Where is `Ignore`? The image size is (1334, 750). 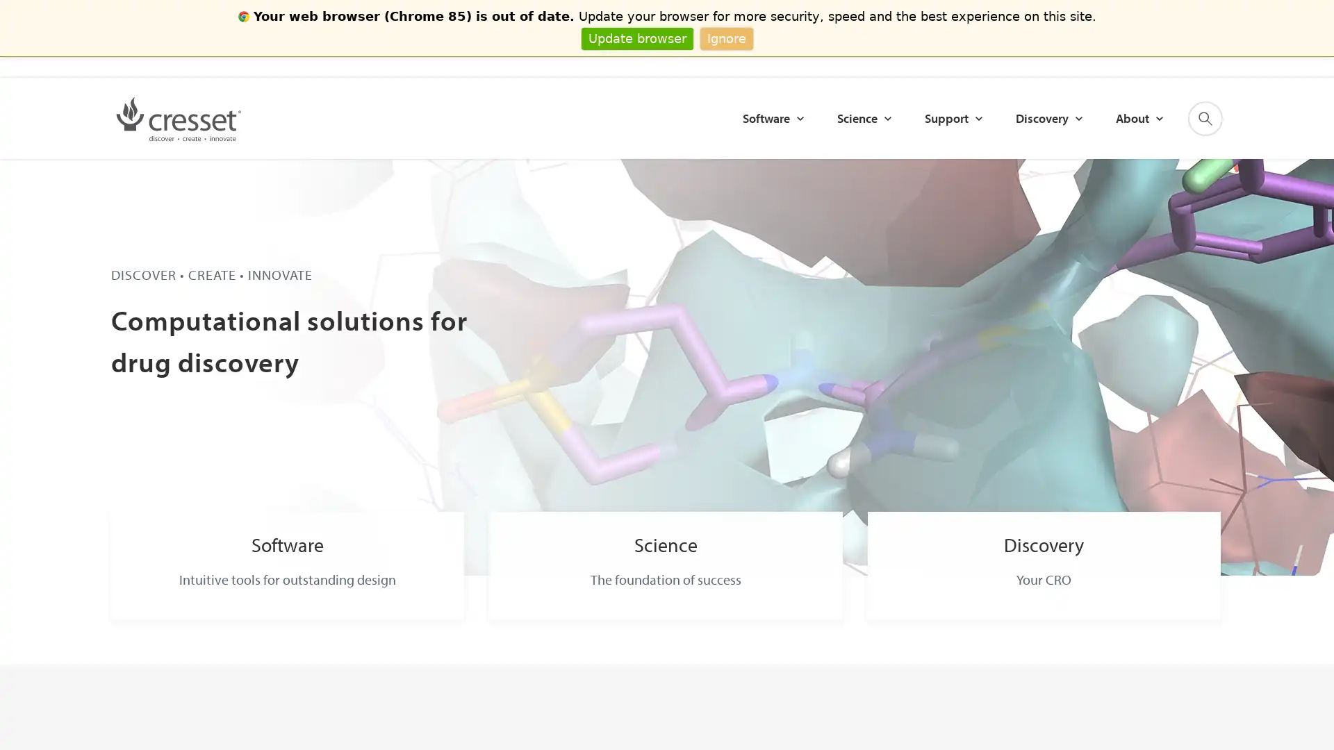
Ignore is located at coordinates (725, 37).